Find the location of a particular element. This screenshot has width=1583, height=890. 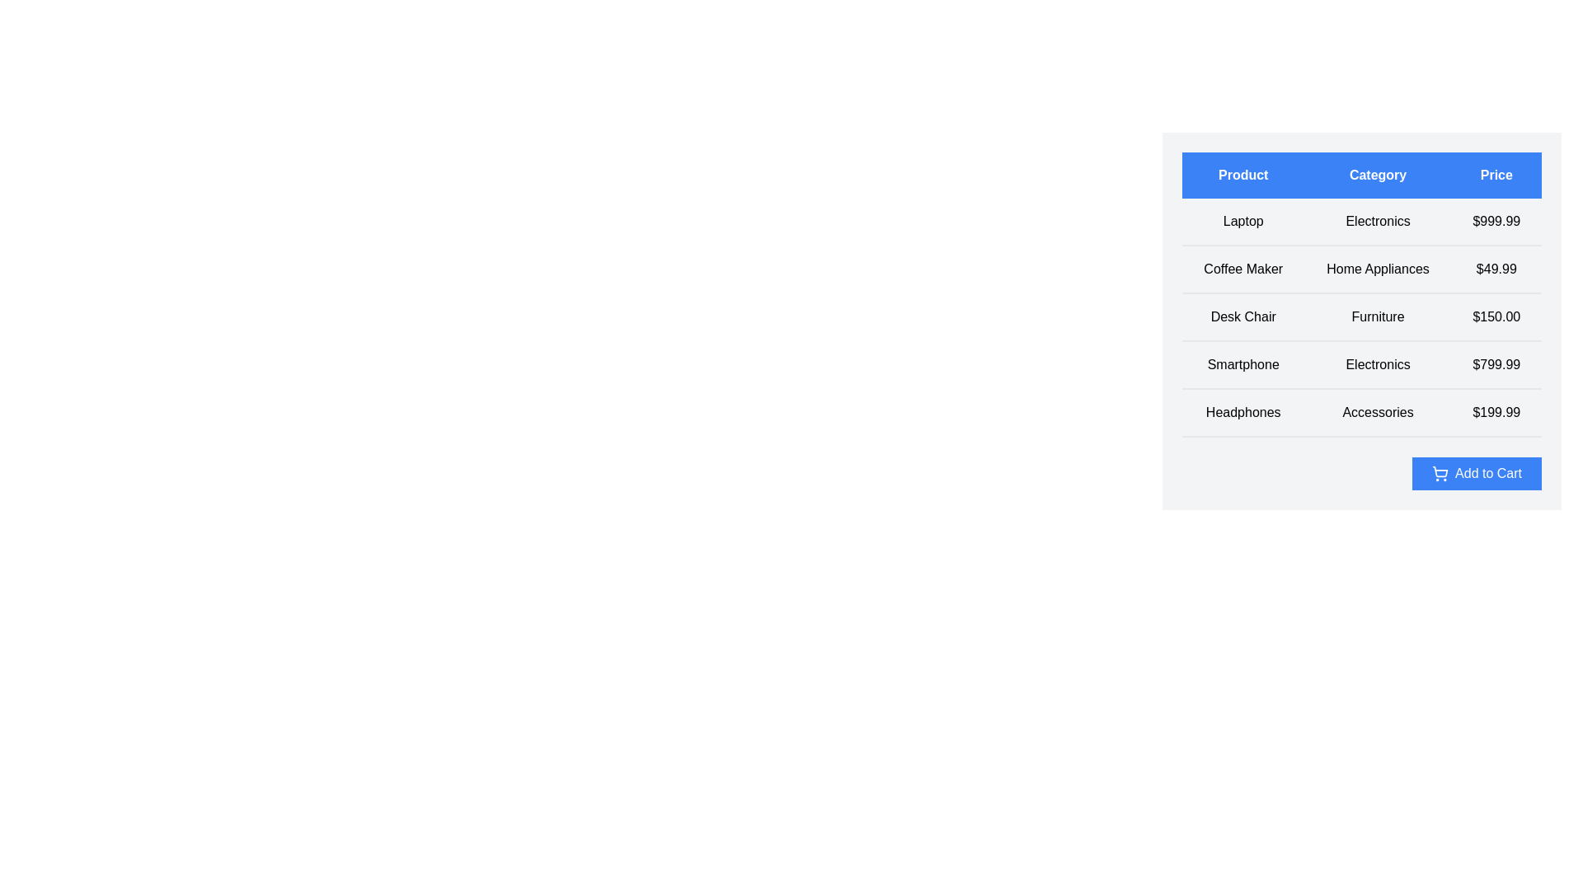

the 'Laptop' text label in the 'Product' list, which is located in the first column of a table, above 'Coffee Maker' is located at coordinates (1243, 221).